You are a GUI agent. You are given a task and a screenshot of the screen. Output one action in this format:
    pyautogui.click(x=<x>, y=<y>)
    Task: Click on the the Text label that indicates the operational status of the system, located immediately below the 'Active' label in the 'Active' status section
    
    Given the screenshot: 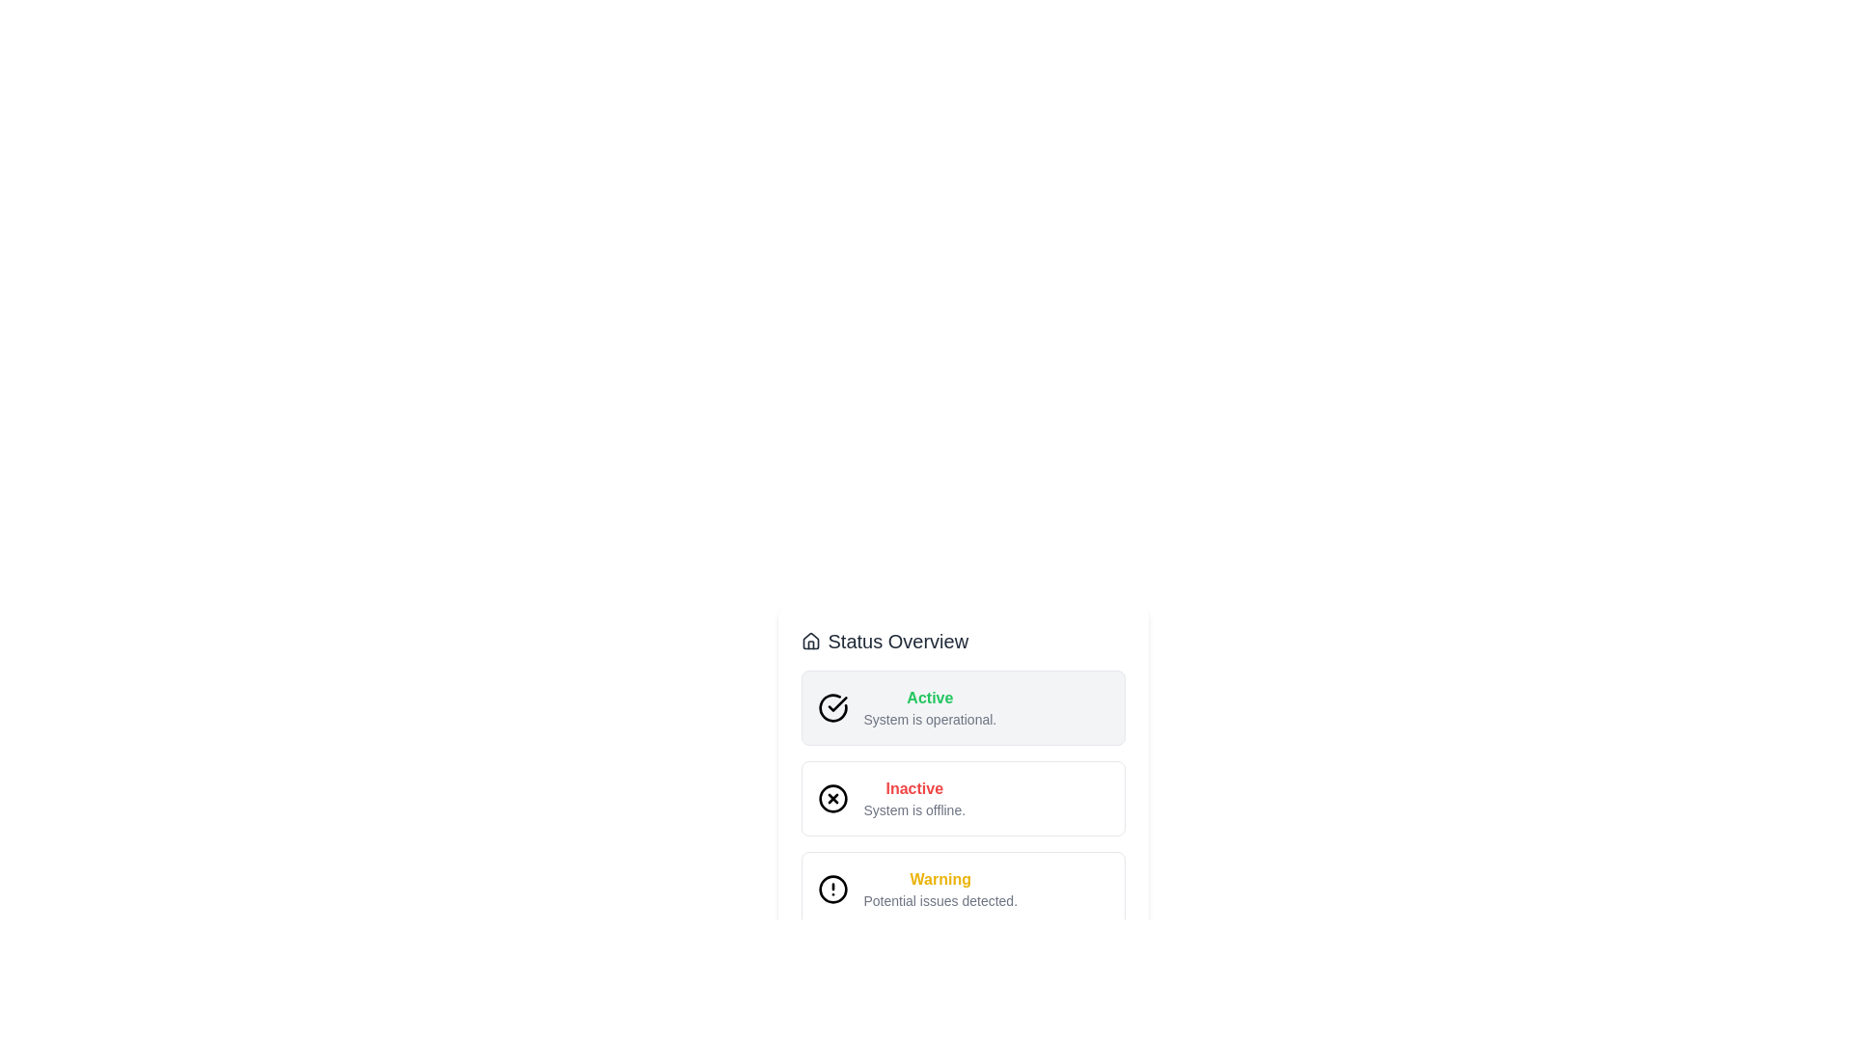 What is the action you would take?
    pyautogui.click(x=930, y=719)
    